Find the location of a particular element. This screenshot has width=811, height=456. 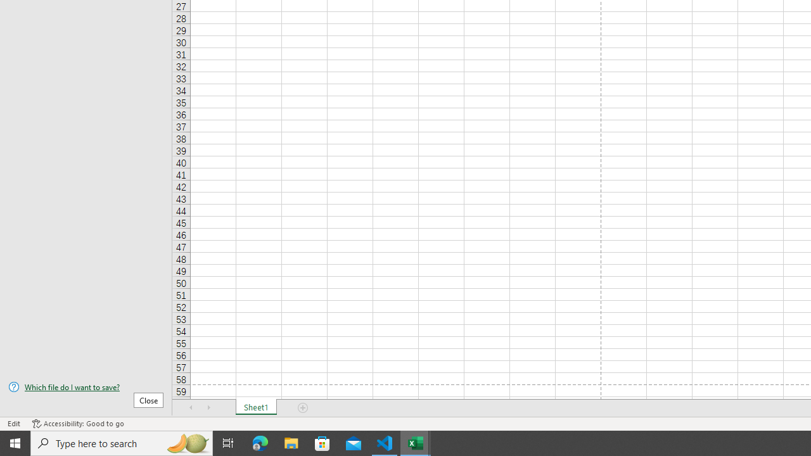

'Add Sheet' is located at coordinates (302, 408).